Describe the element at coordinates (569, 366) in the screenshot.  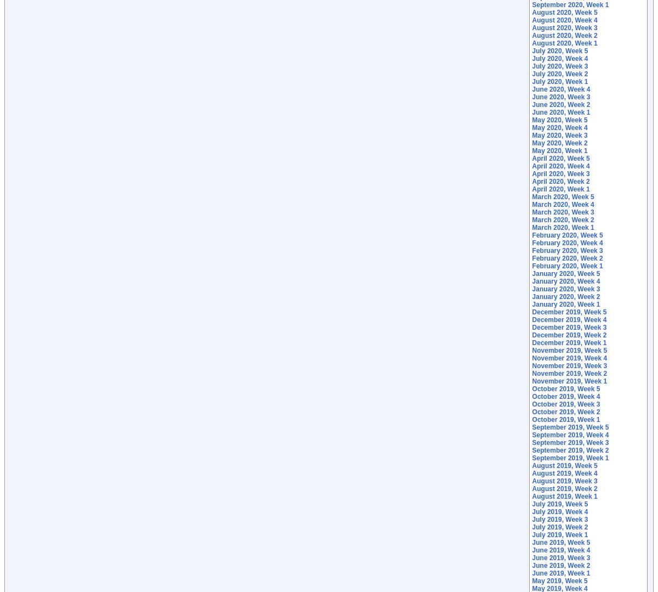
I see `'November 2019, Week 3'` at that location.